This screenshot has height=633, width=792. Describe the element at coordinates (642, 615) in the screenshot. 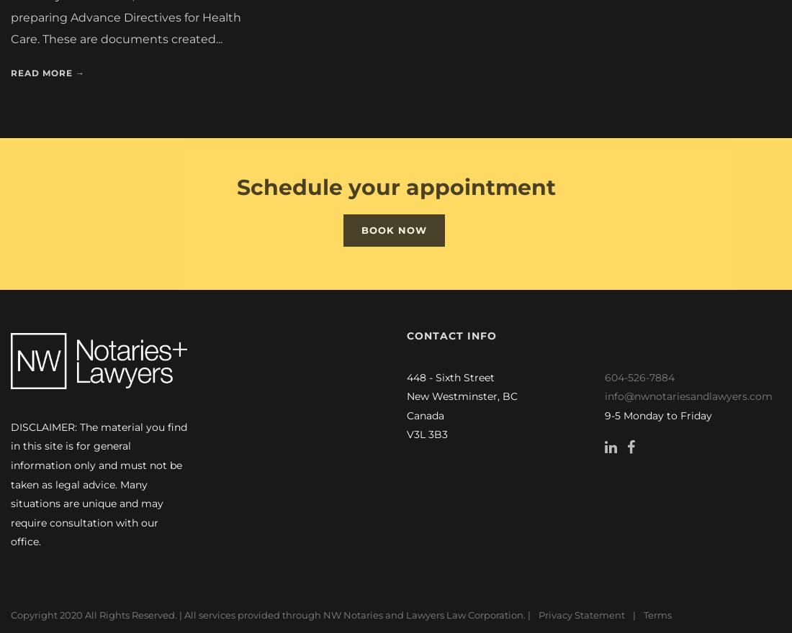

I see `'Terms'` at that location.